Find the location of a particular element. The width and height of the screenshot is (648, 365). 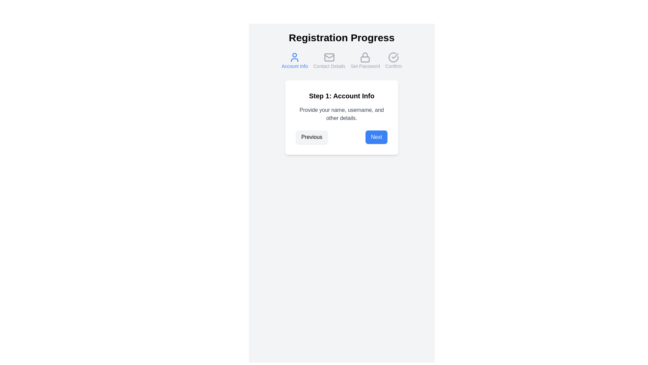

the 'Account Info' text element, which is styled in a smaller blue font and located in the horizontal navigation bar under the 'Registration Progress' label is located at coordinates (295, 66).